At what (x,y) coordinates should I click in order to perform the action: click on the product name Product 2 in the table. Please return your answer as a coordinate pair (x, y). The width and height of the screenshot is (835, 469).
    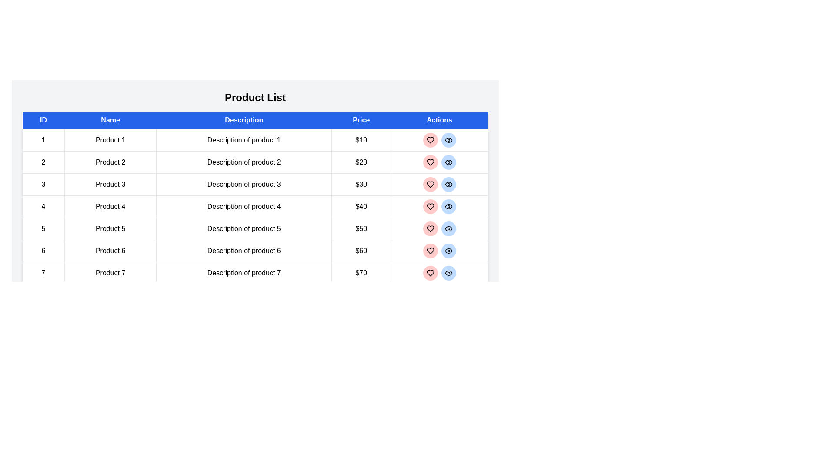
    Looking at the image, I should click on (110, 162).